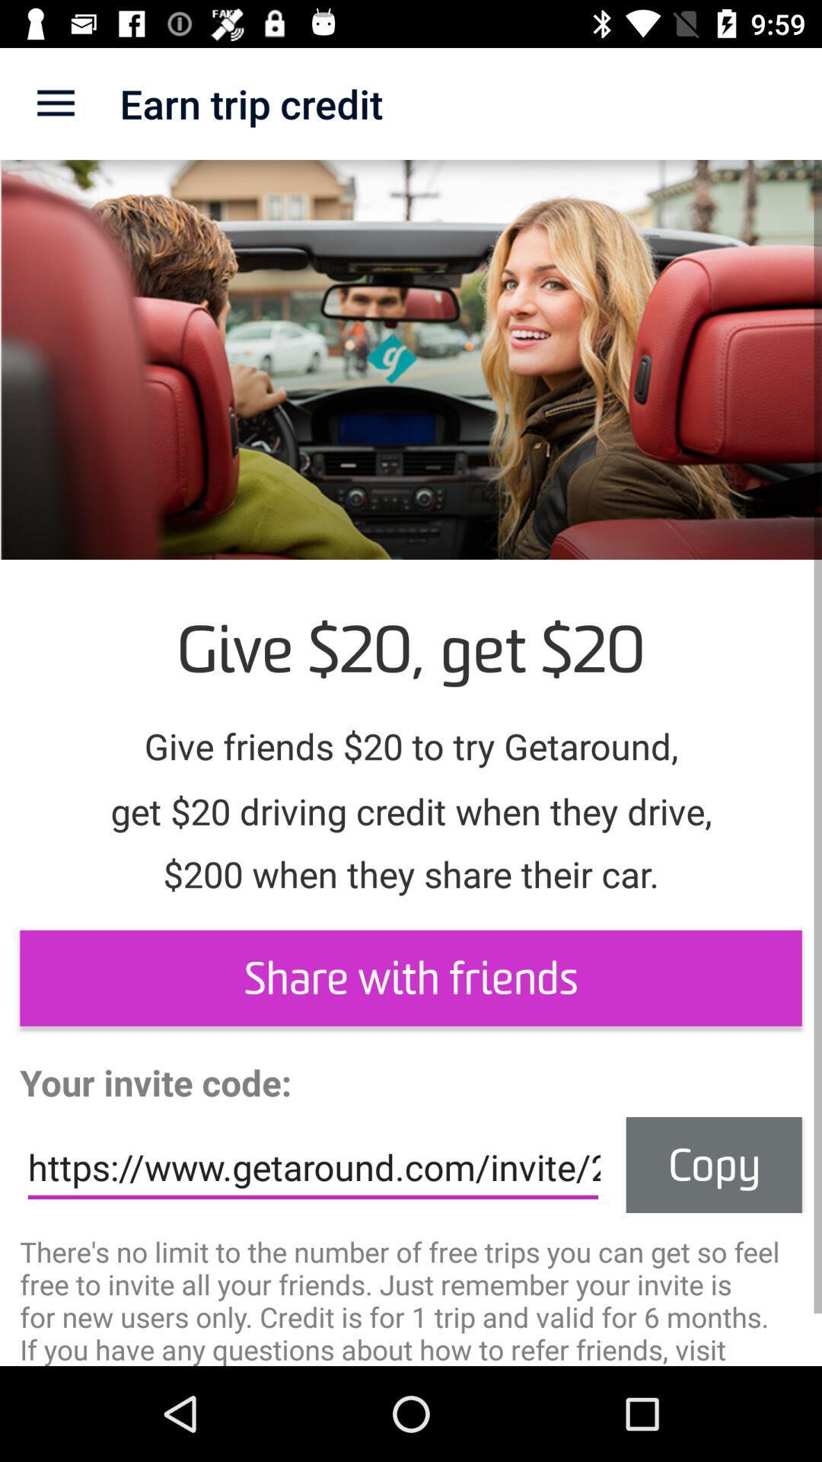  I want to click on the item at the bottom right corner, so click(714, 1164).